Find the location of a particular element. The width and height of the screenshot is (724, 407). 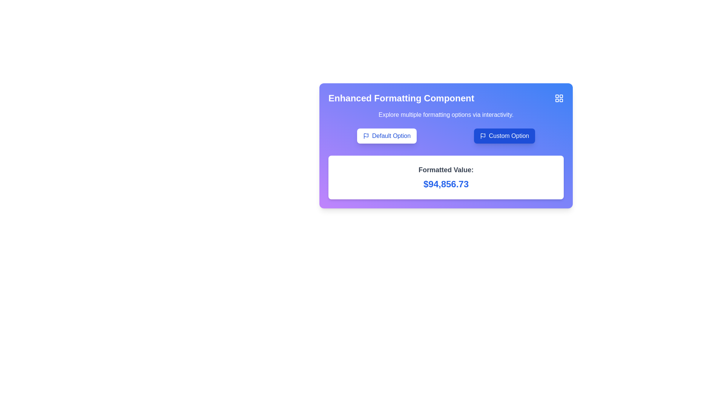

the 'Custom Option' button is located at coordinates (504, 136).